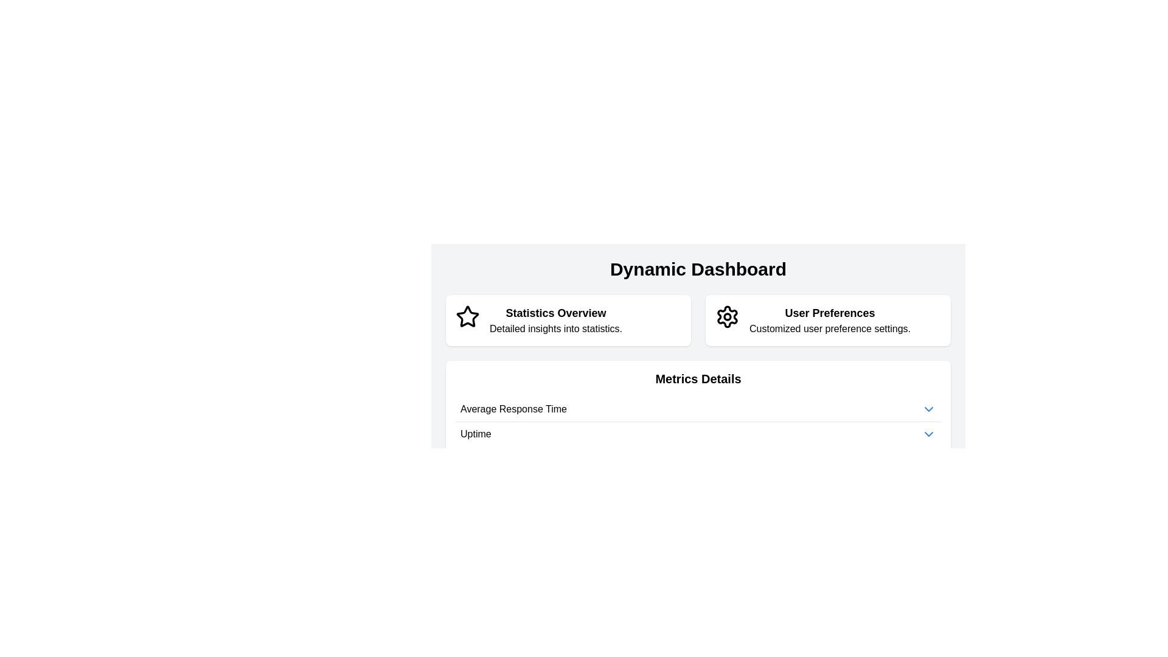  Describe the element at coordinates (467, 316) in the screenshot. I see `the icon enhancing the 'Statistics Overview' button located in the top left section of the 'Dynamic Dashboard' interface` at that location.